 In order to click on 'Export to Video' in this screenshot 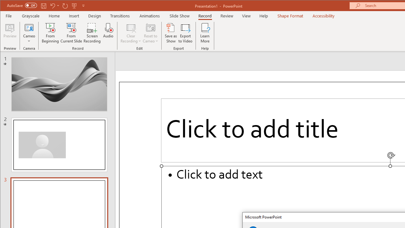, I will do `click(185, 33)`.